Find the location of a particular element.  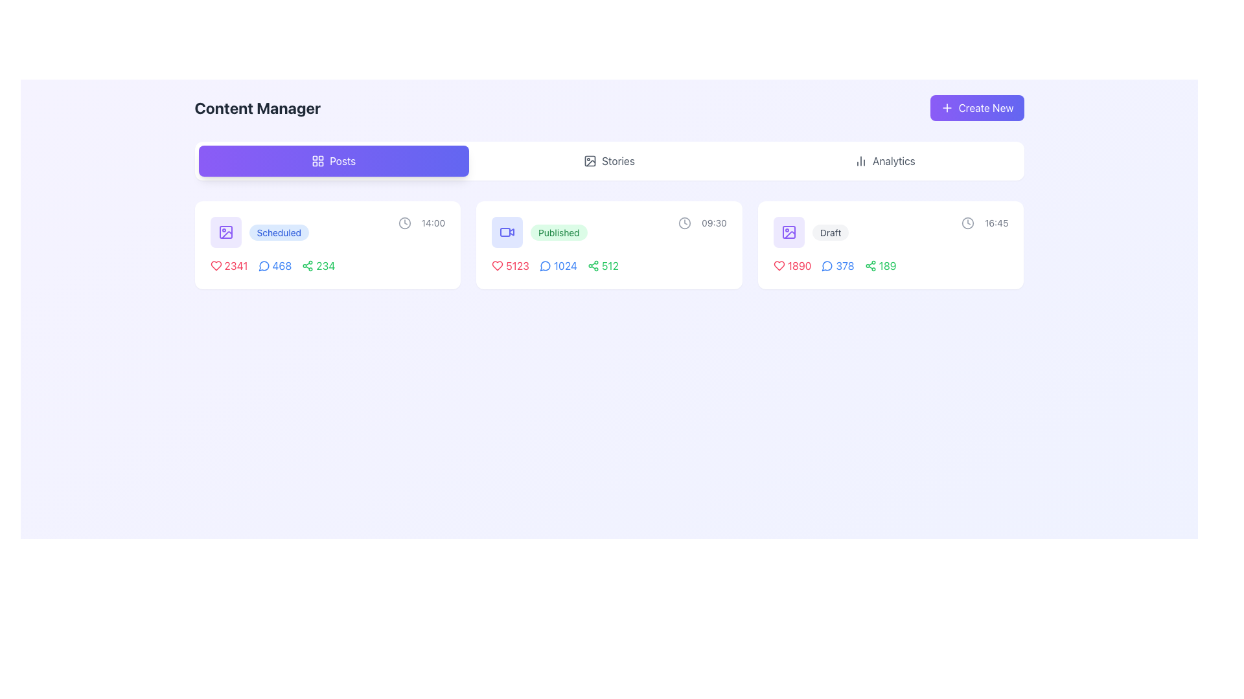

the green share icon with the numerical value '189' in the 'Draft' box, which is the third icon in the horizontal row of interactive statistics is located at coordinates (890, 265).